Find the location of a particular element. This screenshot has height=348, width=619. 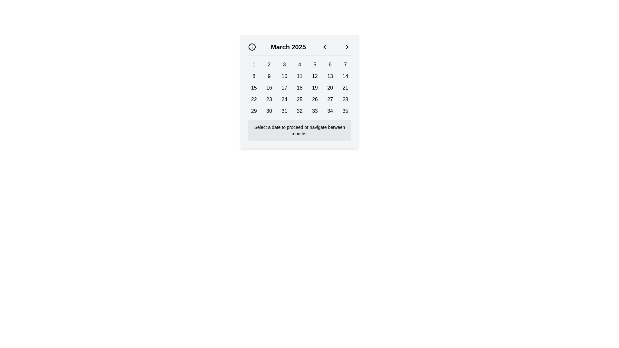

the fifth button in the first row of the calendar is located at coordinates (315, 64).